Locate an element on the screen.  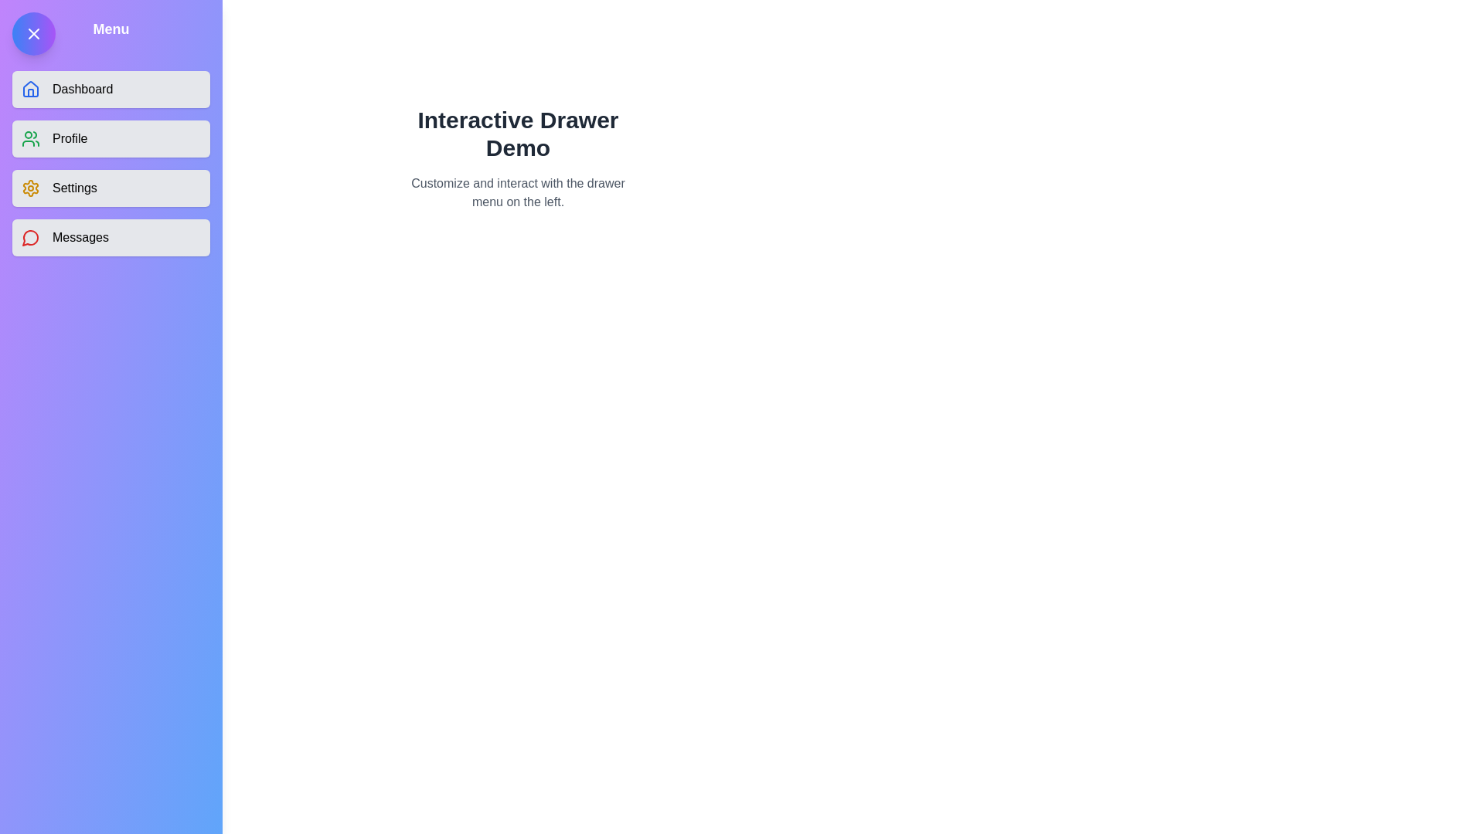
floating button at the top-left corner of the screen to toggle the drawer is located at coordinates (33, 33).